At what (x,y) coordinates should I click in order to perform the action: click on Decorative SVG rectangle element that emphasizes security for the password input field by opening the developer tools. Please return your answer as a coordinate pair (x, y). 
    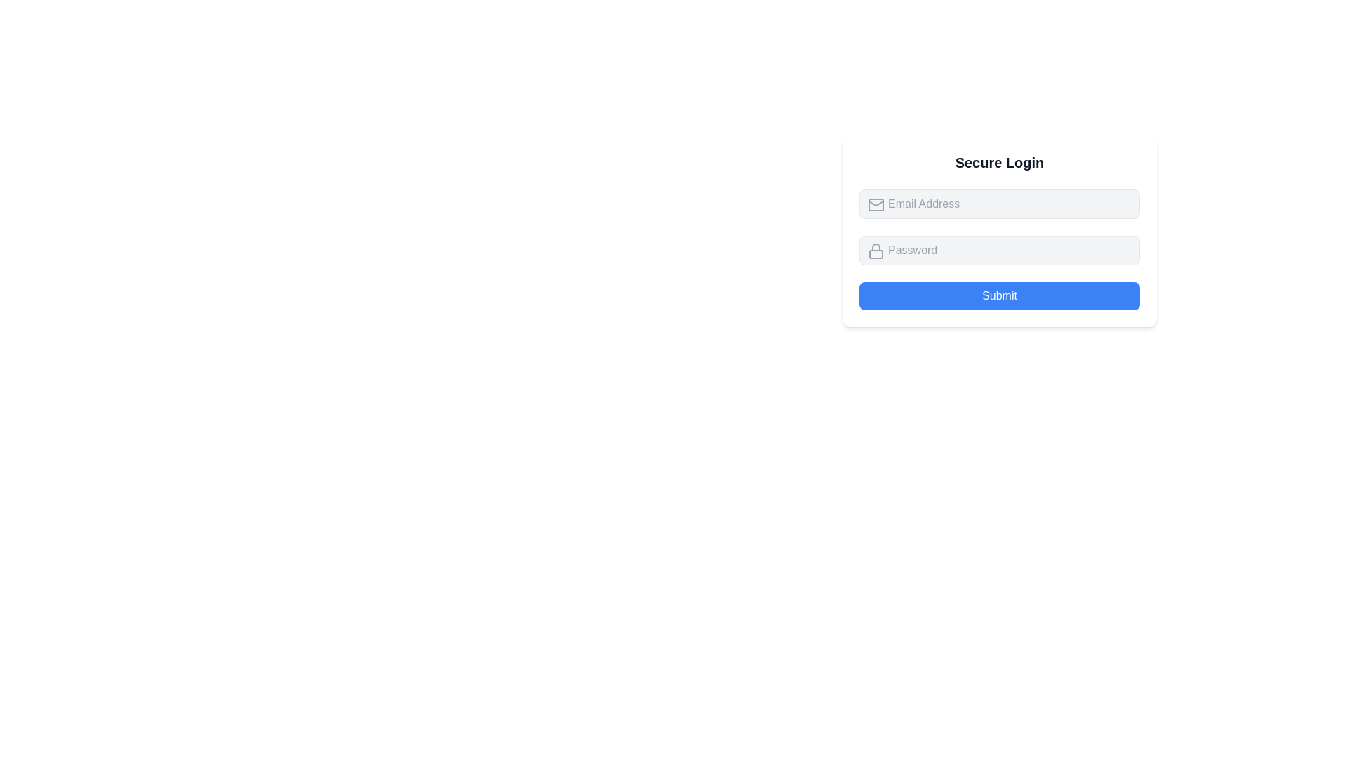
    Looking at the image, I should click on (875, 254).